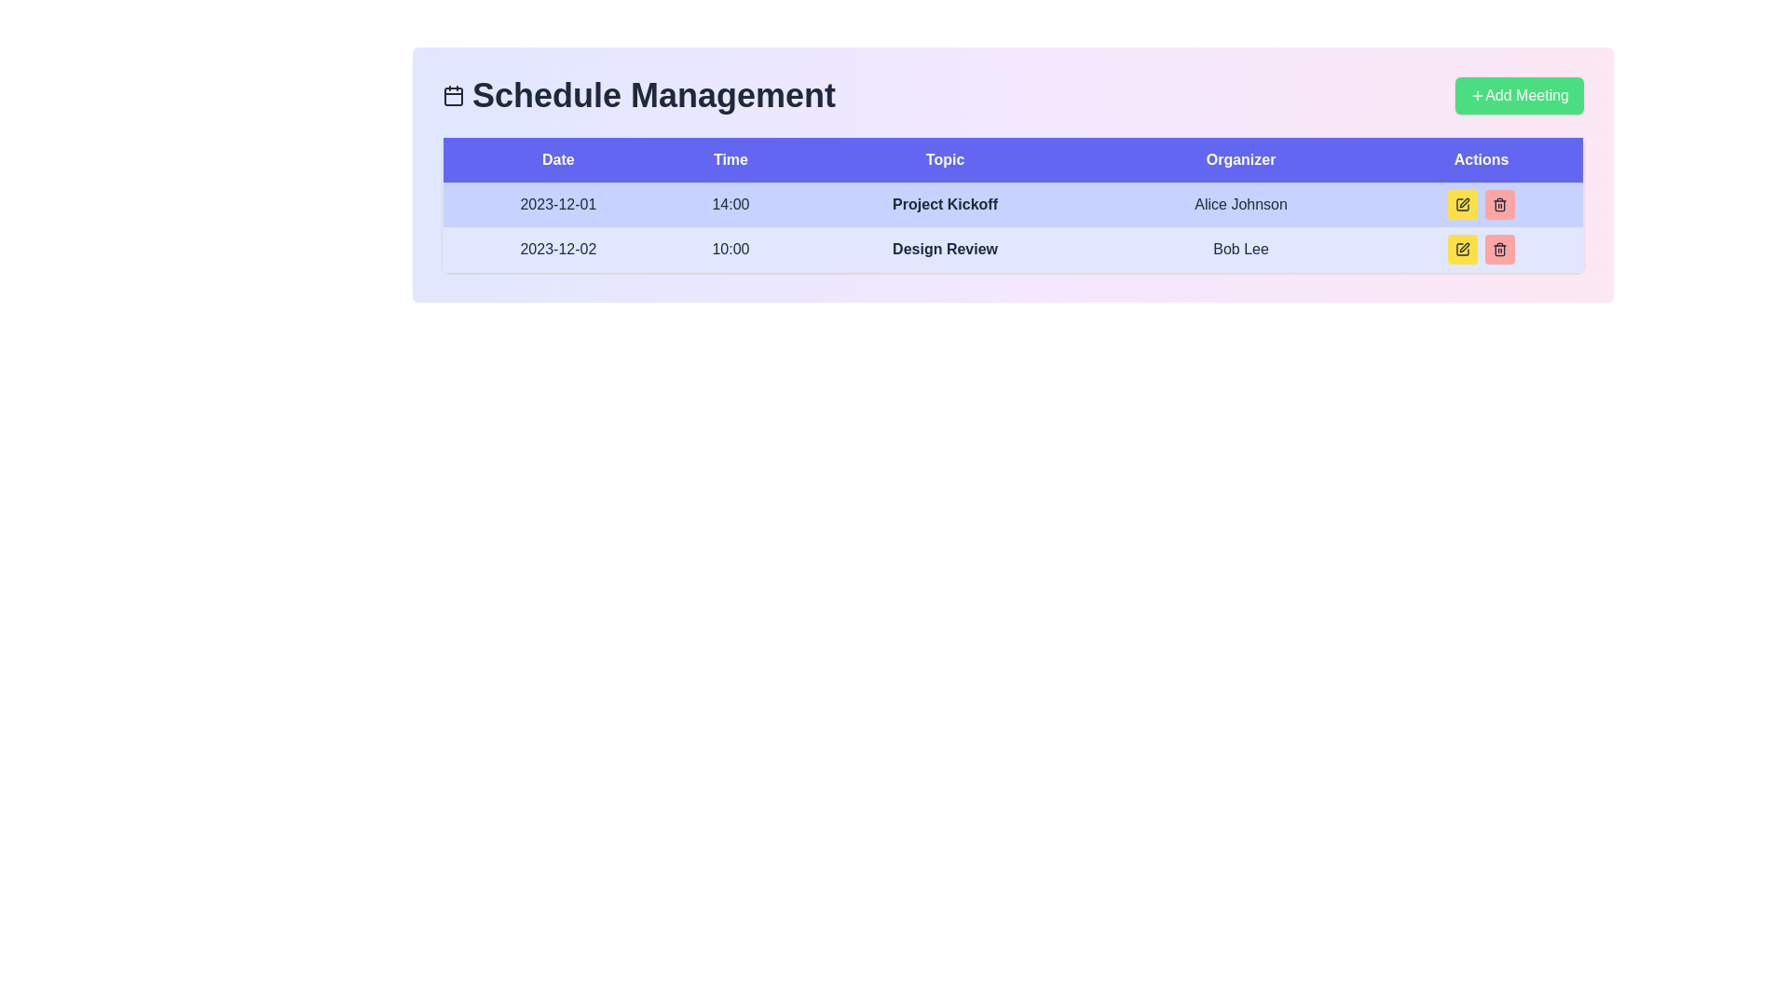  Describe the element at coordinates (1477, 96) in the screenshot. I see `the plus icon in the green 'Add Meeting' button at the top-right of the interface` at that location.